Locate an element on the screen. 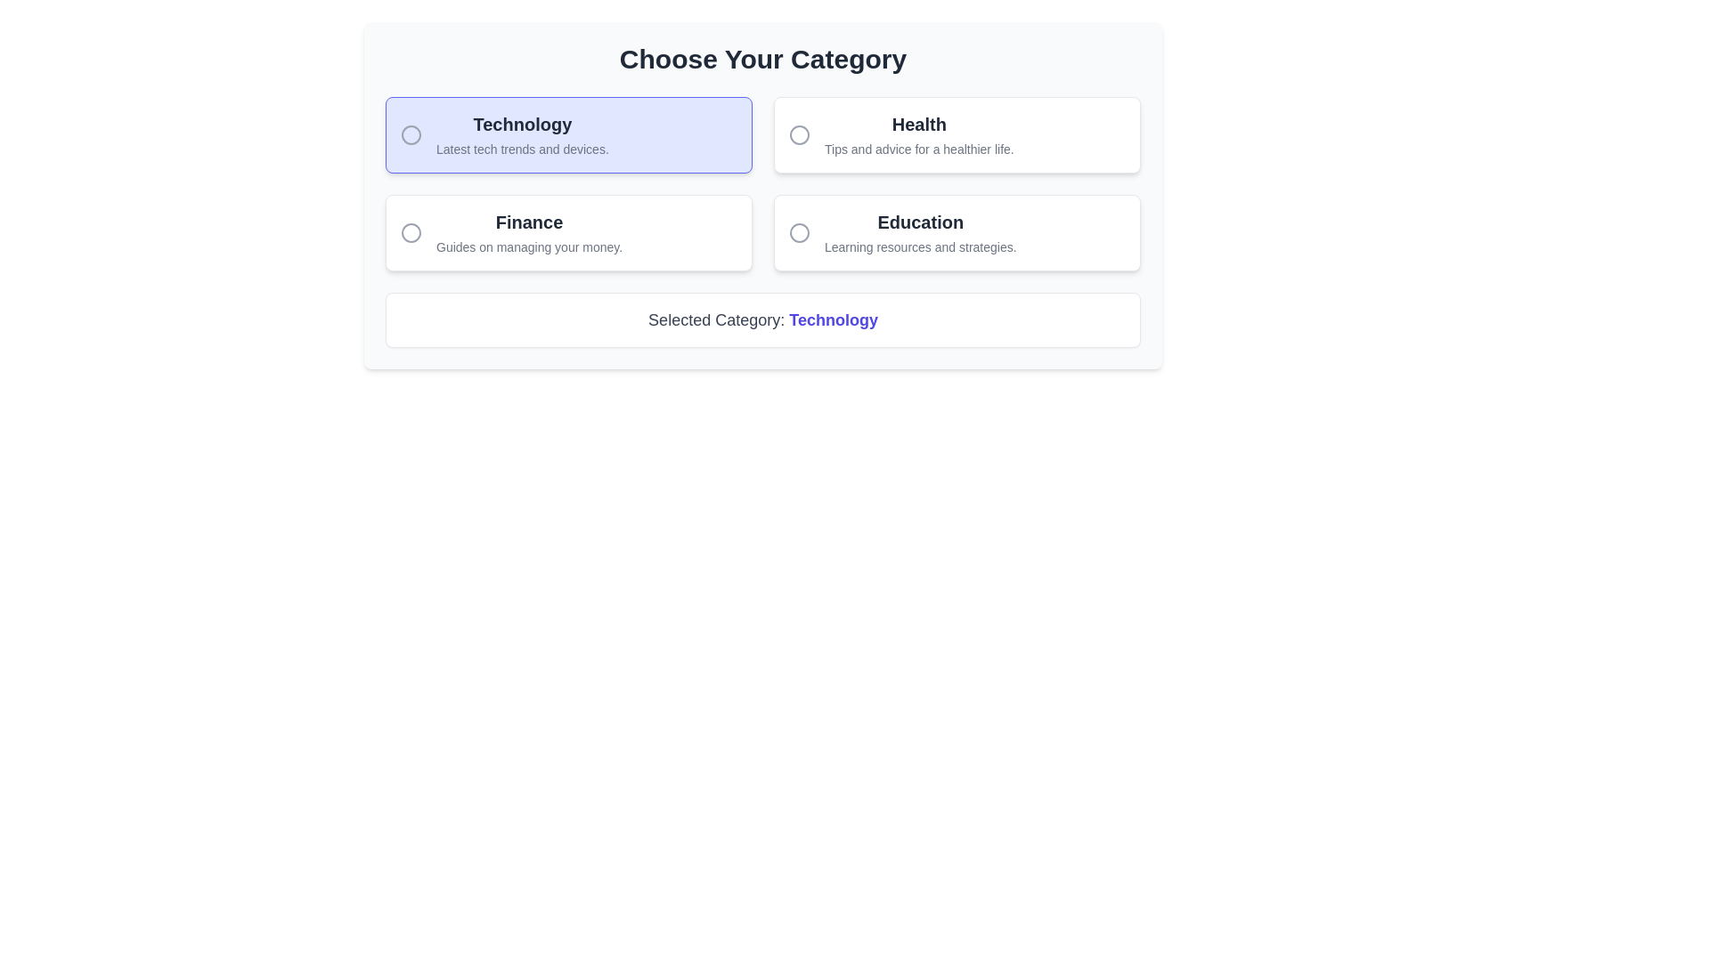 This screenshot has height=961, width=1710. the circular grayish icon located in the 'Health' category card, which is positioned to the left of the 'Health' text is located at coordinates (798, 133).